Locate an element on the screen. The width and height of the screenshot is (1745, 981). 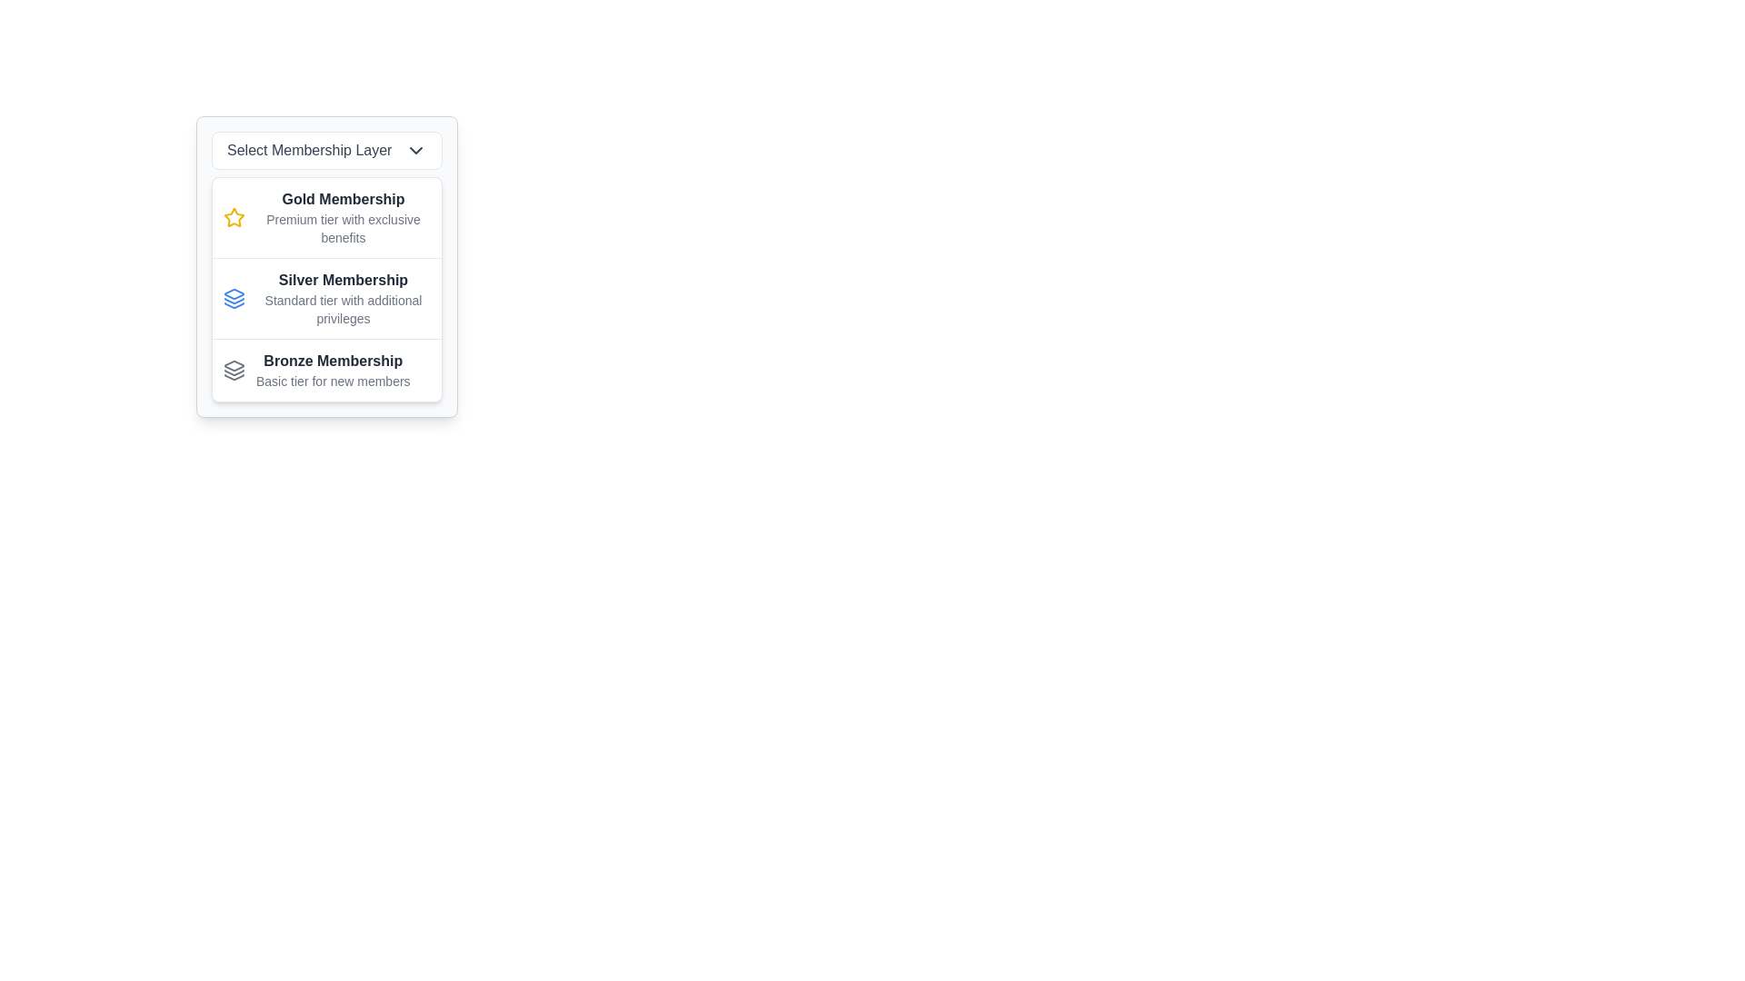
the second list item labeled 'Silver Membership' in the vertical list of membership tiers is located at coordinates (327, 298).